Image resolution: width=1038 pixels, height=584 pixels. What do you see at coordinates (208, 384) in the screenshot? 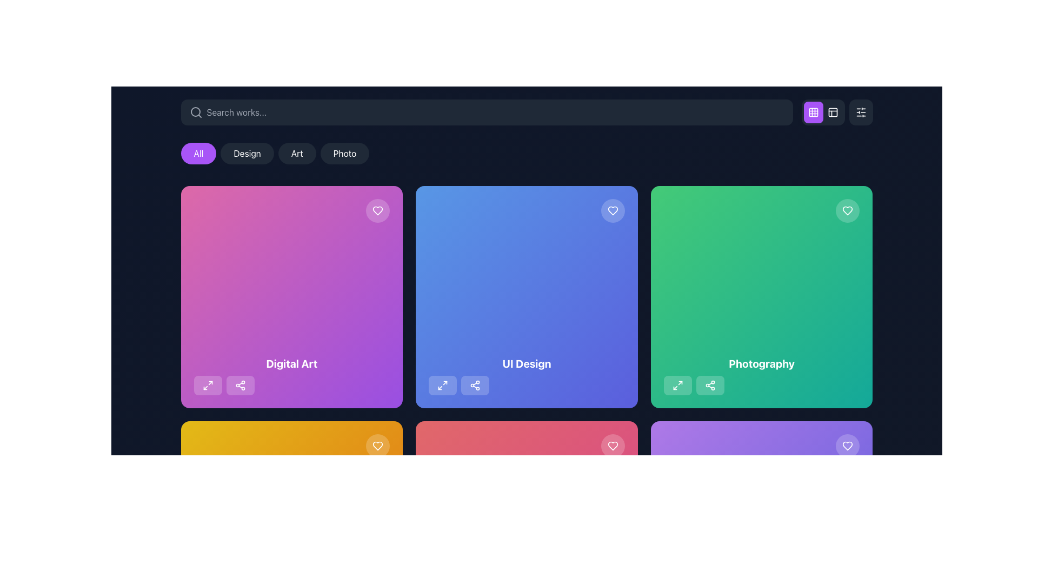
I see `the Button located at the lower-left corner of the 'Digital Art' card` at bounding box center [208, 384].